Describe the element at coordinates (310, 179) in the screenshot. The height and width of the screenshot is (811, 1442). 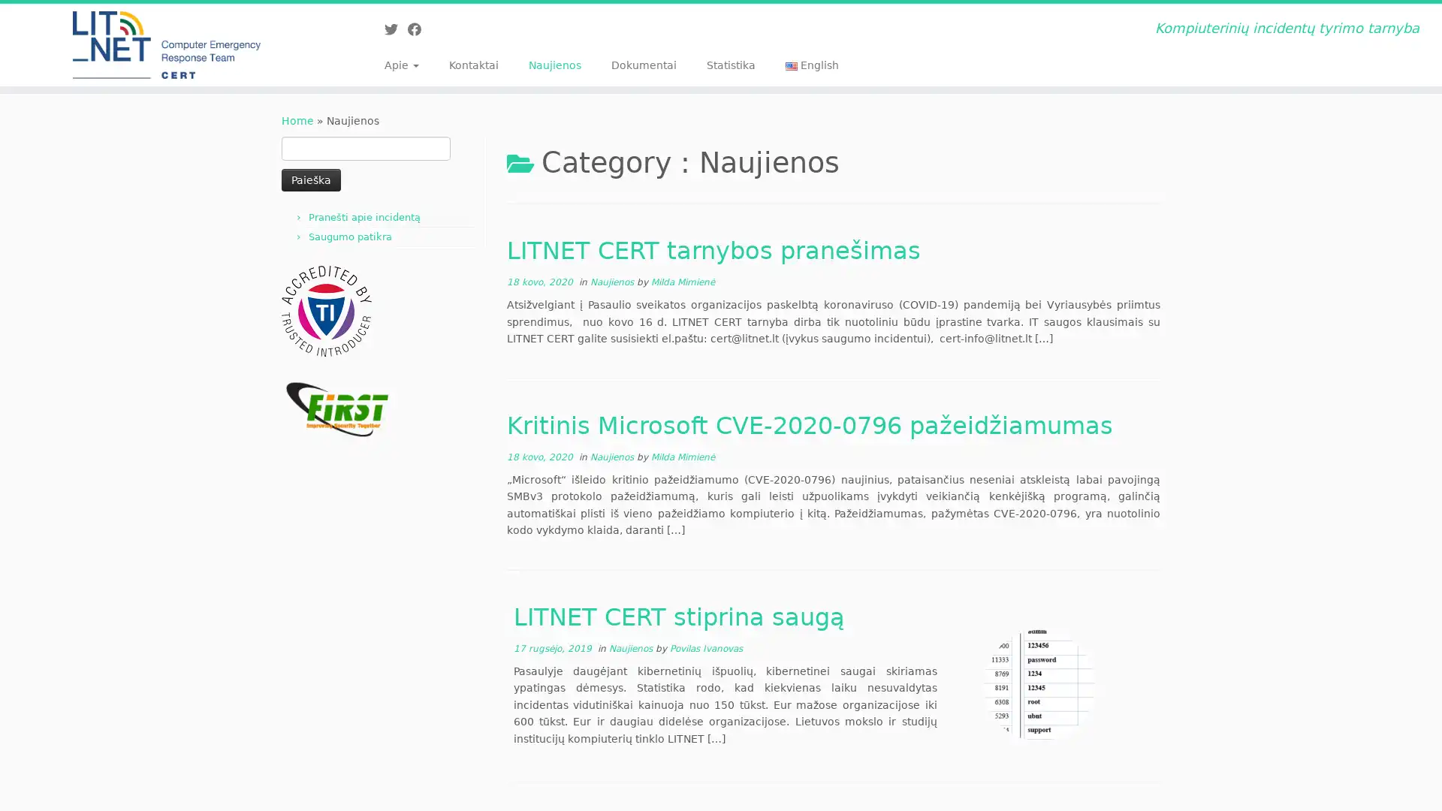
I see `Paieska` at that location.